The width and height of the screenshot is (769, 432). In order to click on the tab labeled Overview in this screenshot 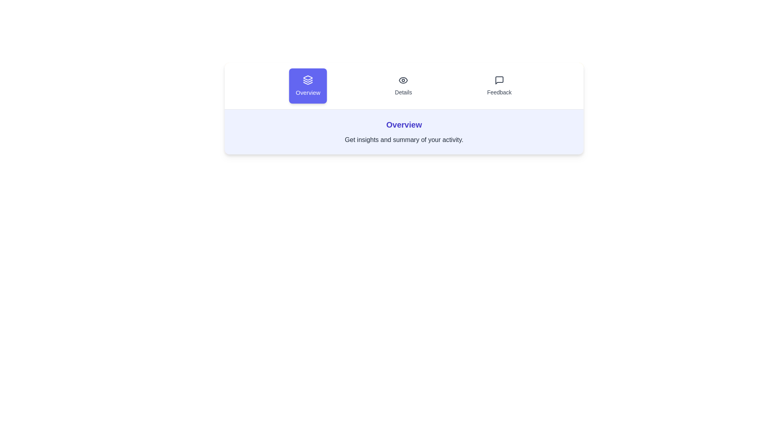, I will do `click(308, 86)`.